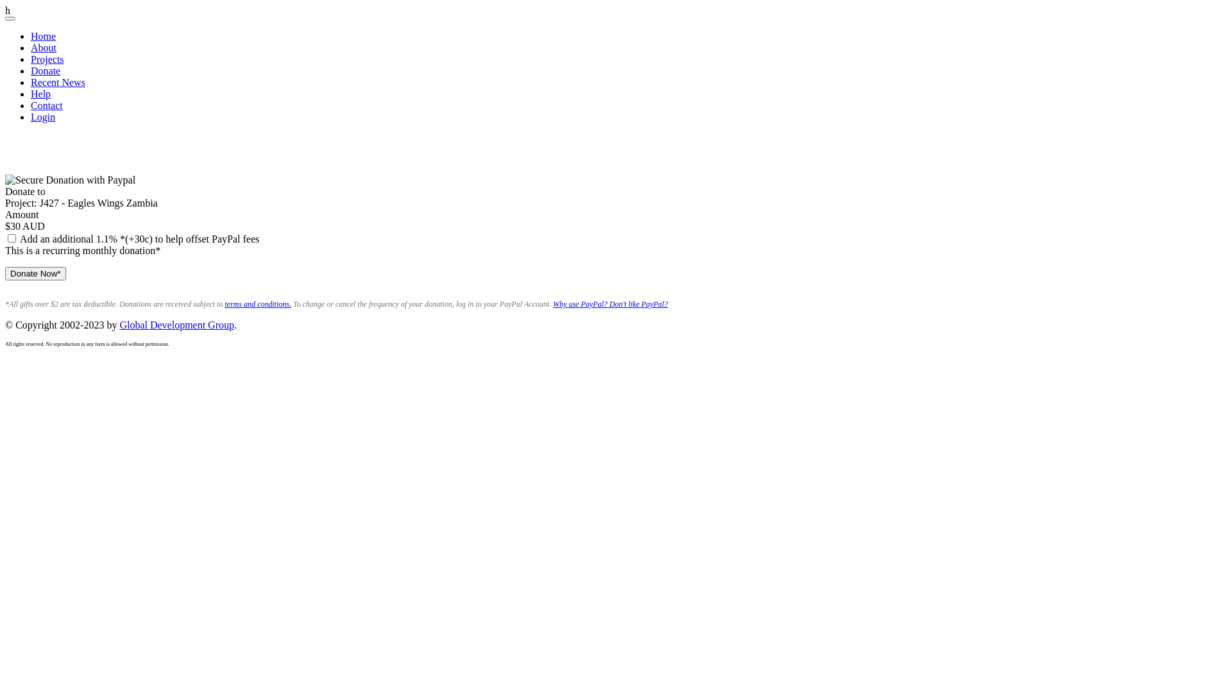 Image resolution: width=1232 pixels, height=693 pixels. I want to click on 'terms and conditions.', so click(257, 304).